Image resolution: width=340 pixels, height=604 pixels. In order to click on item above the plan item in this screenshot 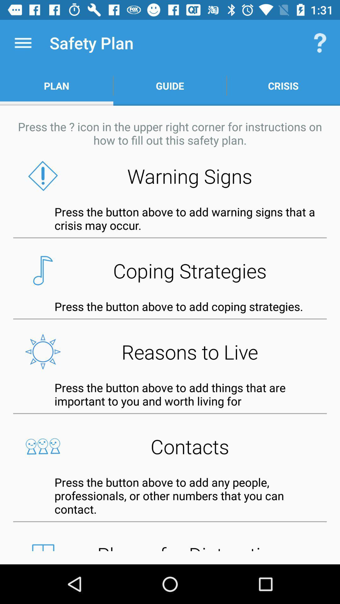, I will do `click(23, 42)`.